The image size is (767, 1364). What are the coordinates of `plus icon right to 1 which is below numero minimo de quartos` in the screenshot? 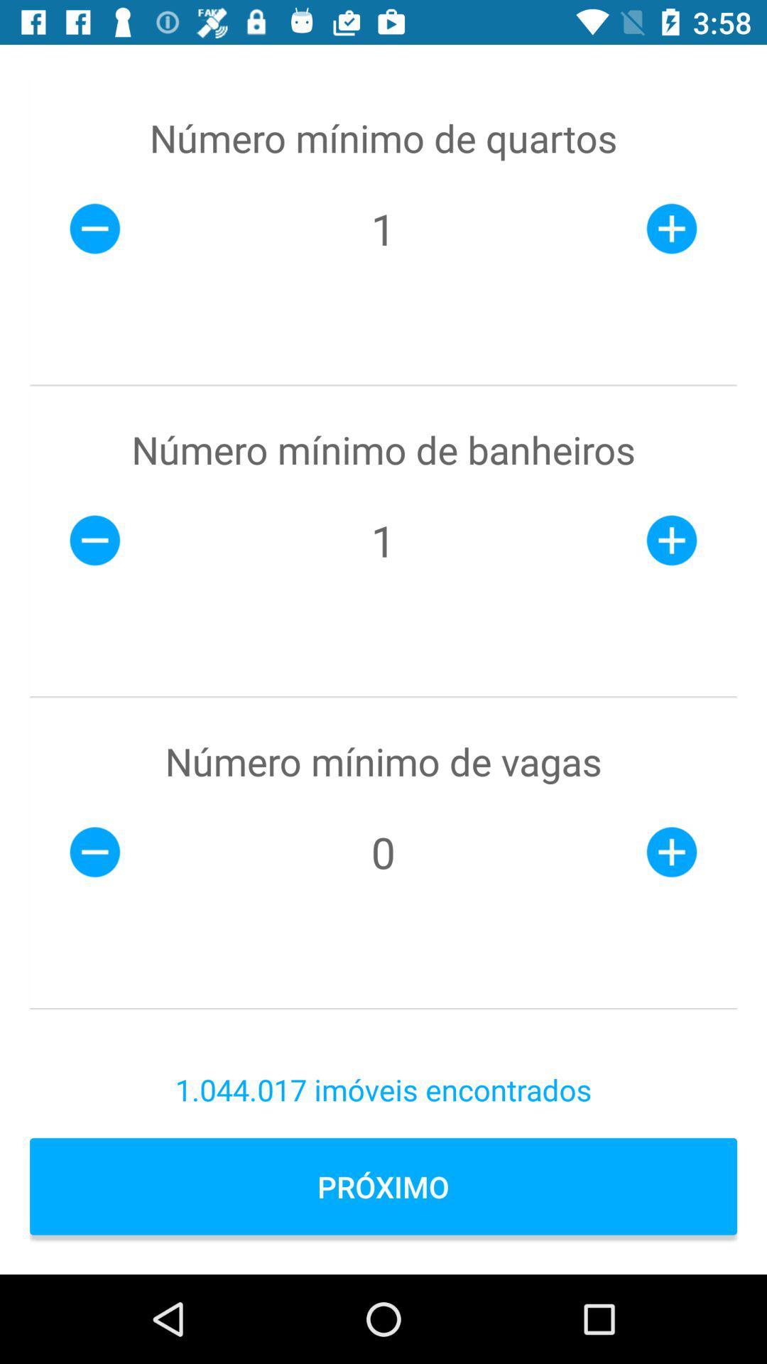 It's located at (671, 228).